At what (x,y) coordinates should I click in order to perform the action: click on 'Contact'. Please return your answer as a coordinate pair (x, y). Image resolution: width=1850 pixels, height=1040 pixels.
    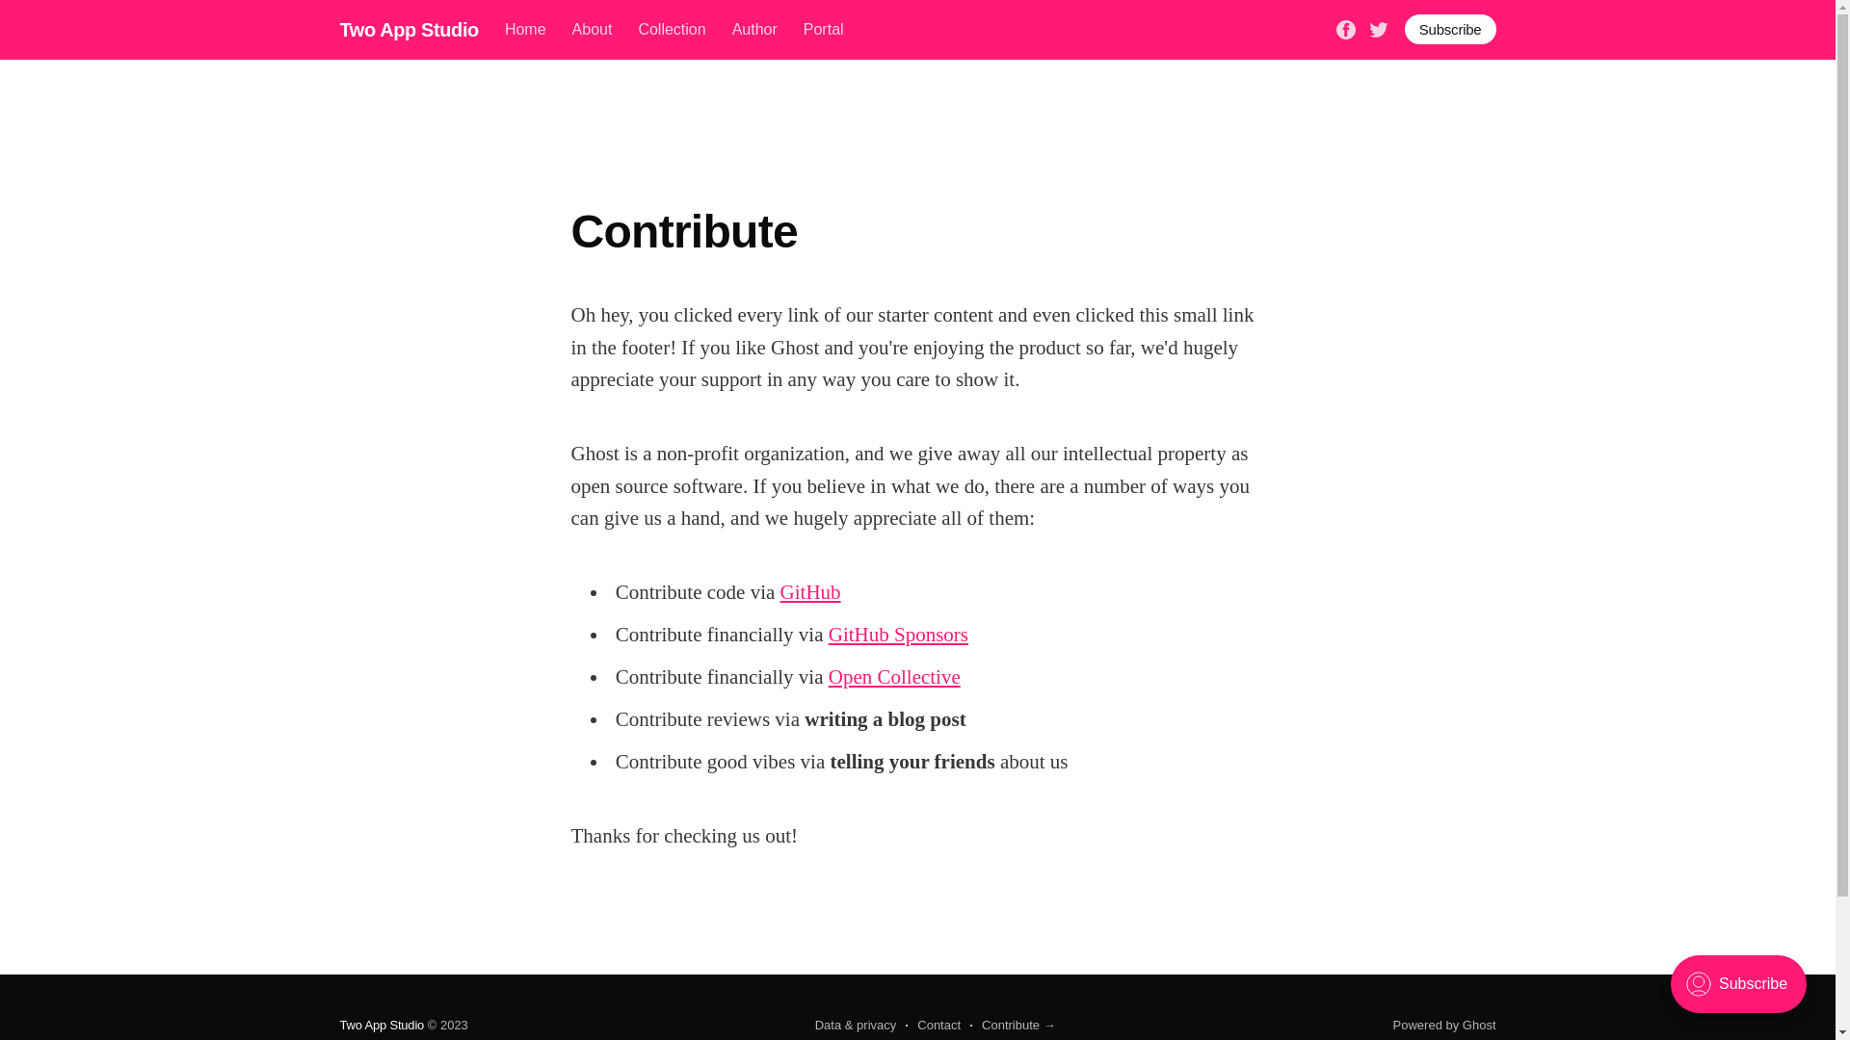
    Looking at the image, I should click on (933, 1024).